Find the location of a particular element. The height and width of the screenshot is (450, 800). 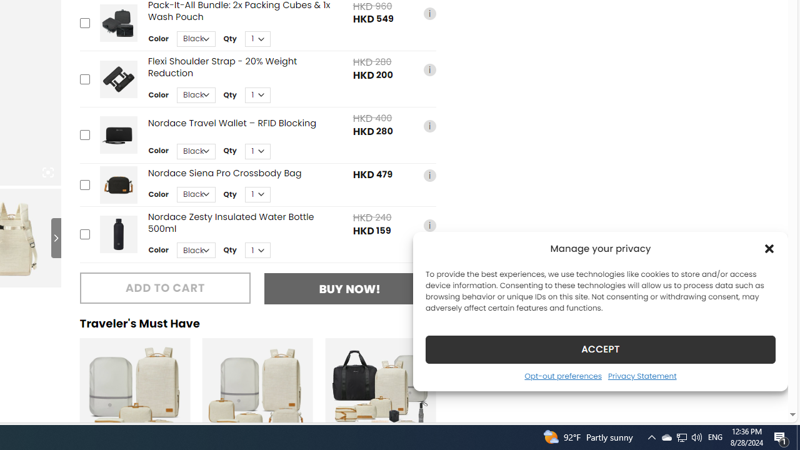

'Class: iconic-woothumbs-fullscreen' is located at coordinates (47, 172).